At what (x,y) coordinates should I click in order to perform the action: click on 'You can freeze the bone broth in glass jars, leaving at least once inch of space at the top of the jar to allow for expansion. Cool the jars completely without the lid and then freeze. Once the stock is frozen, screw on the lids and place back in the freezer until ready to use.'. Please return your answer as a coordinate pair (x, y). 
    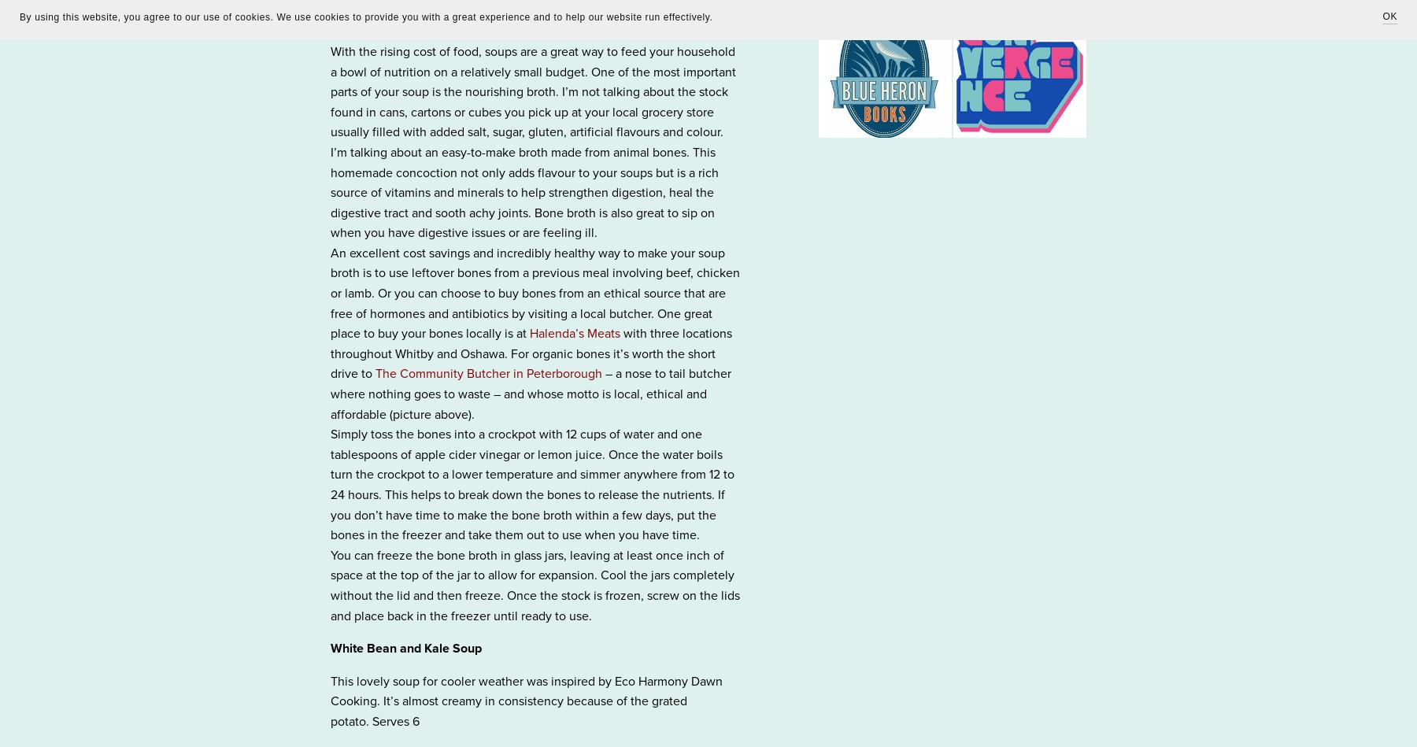
    Looking at the image, I should click on (535, 584).